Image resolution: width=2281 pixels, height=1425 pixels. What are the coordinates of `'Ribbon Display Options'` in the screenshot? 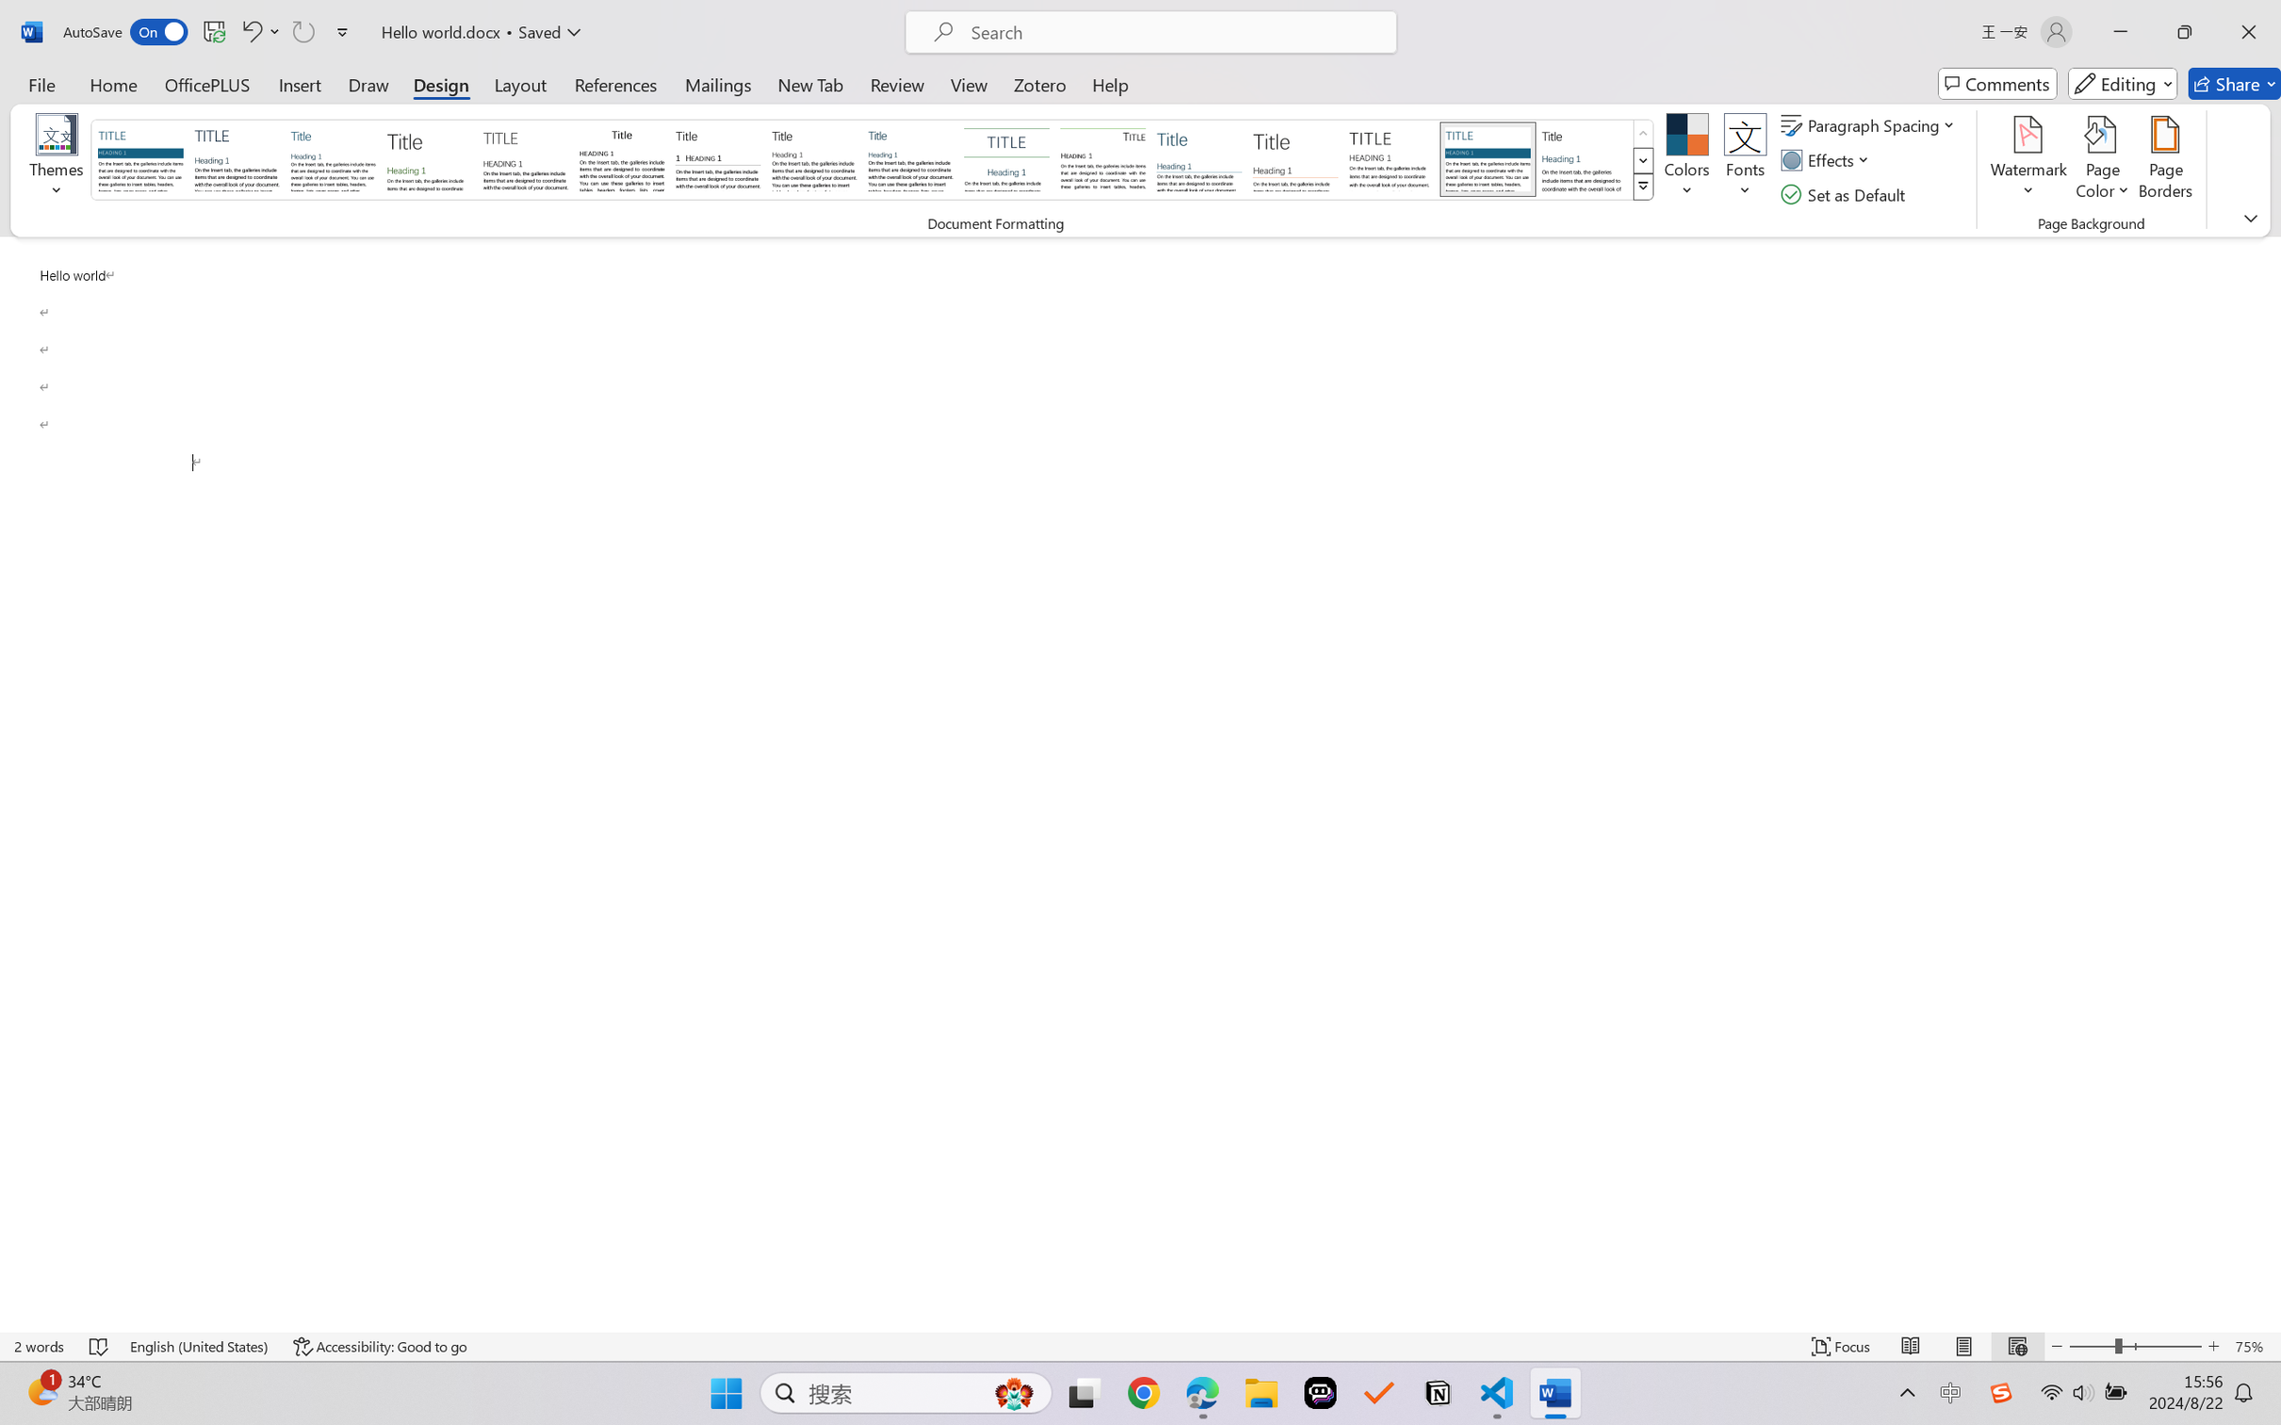 It's located at (2250, 218).